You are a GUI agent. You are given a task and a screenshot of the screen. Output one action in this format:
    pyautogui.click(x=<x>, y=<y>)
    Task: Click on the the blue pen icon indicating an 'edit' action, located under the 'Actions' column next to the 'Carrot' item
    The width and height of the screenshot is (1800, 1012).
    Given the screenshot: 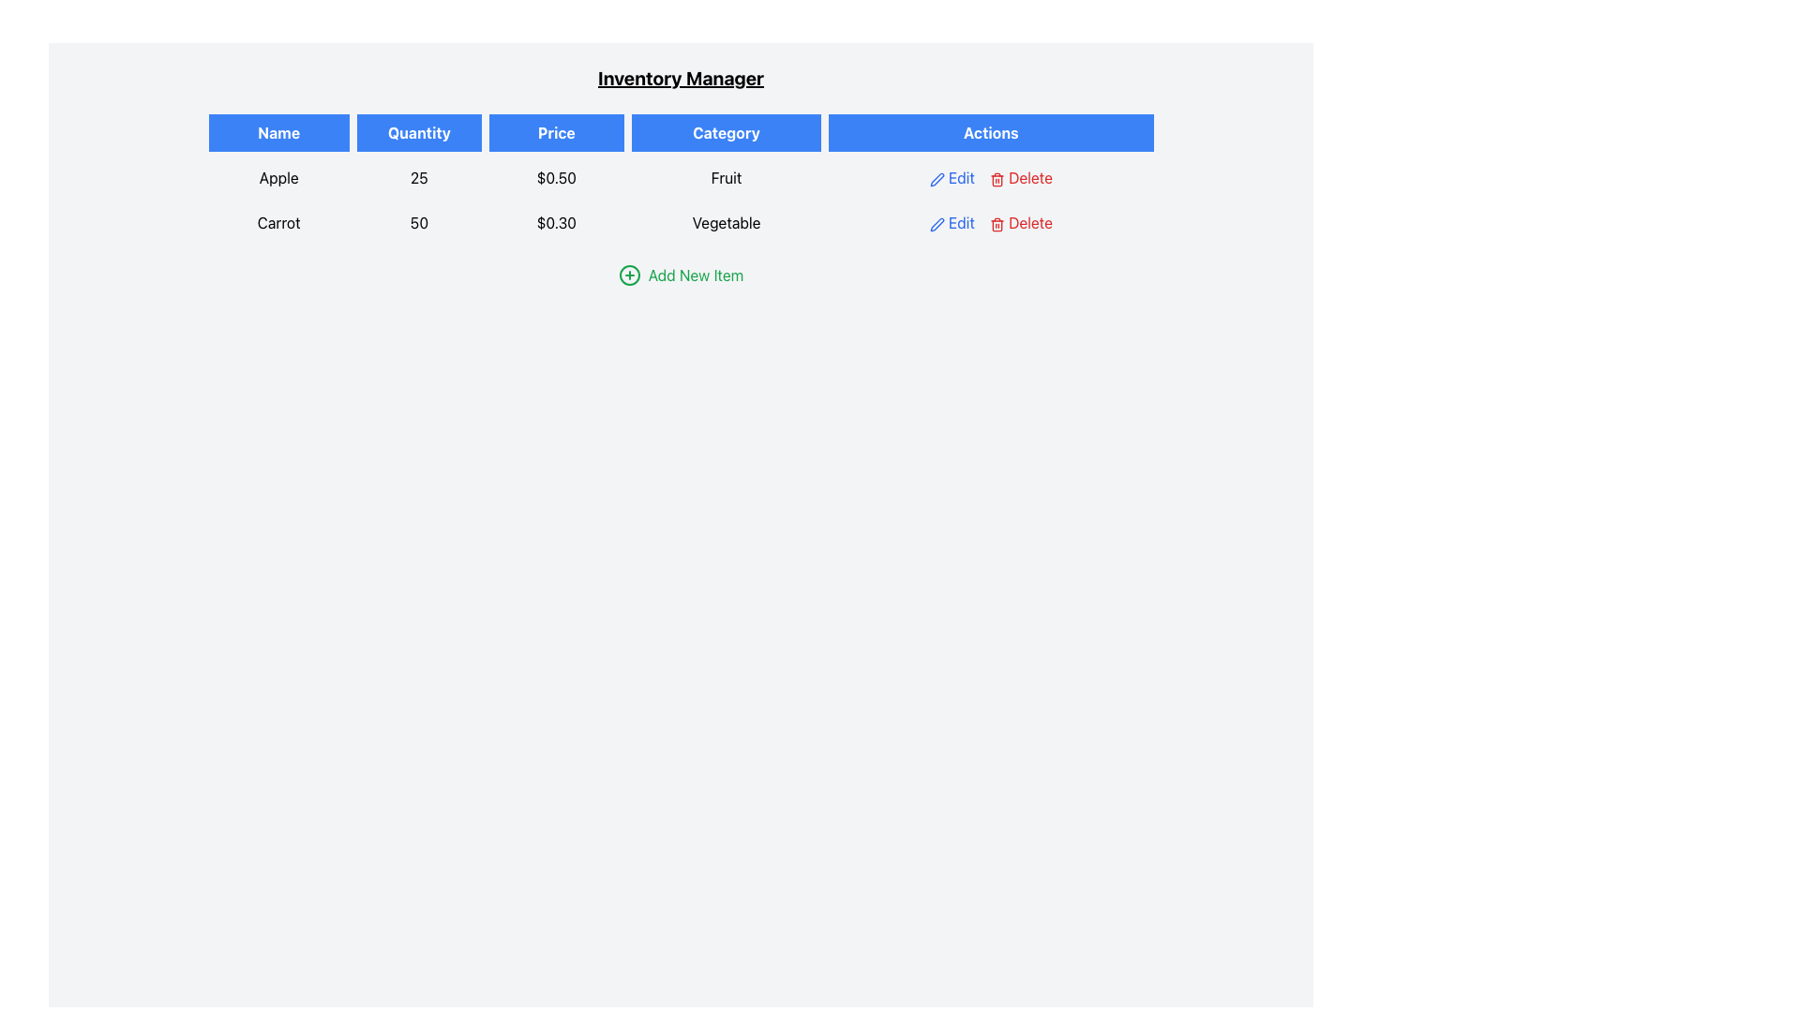 What is the action you would take?
    pyautogui.click(x=937, y=179)
    